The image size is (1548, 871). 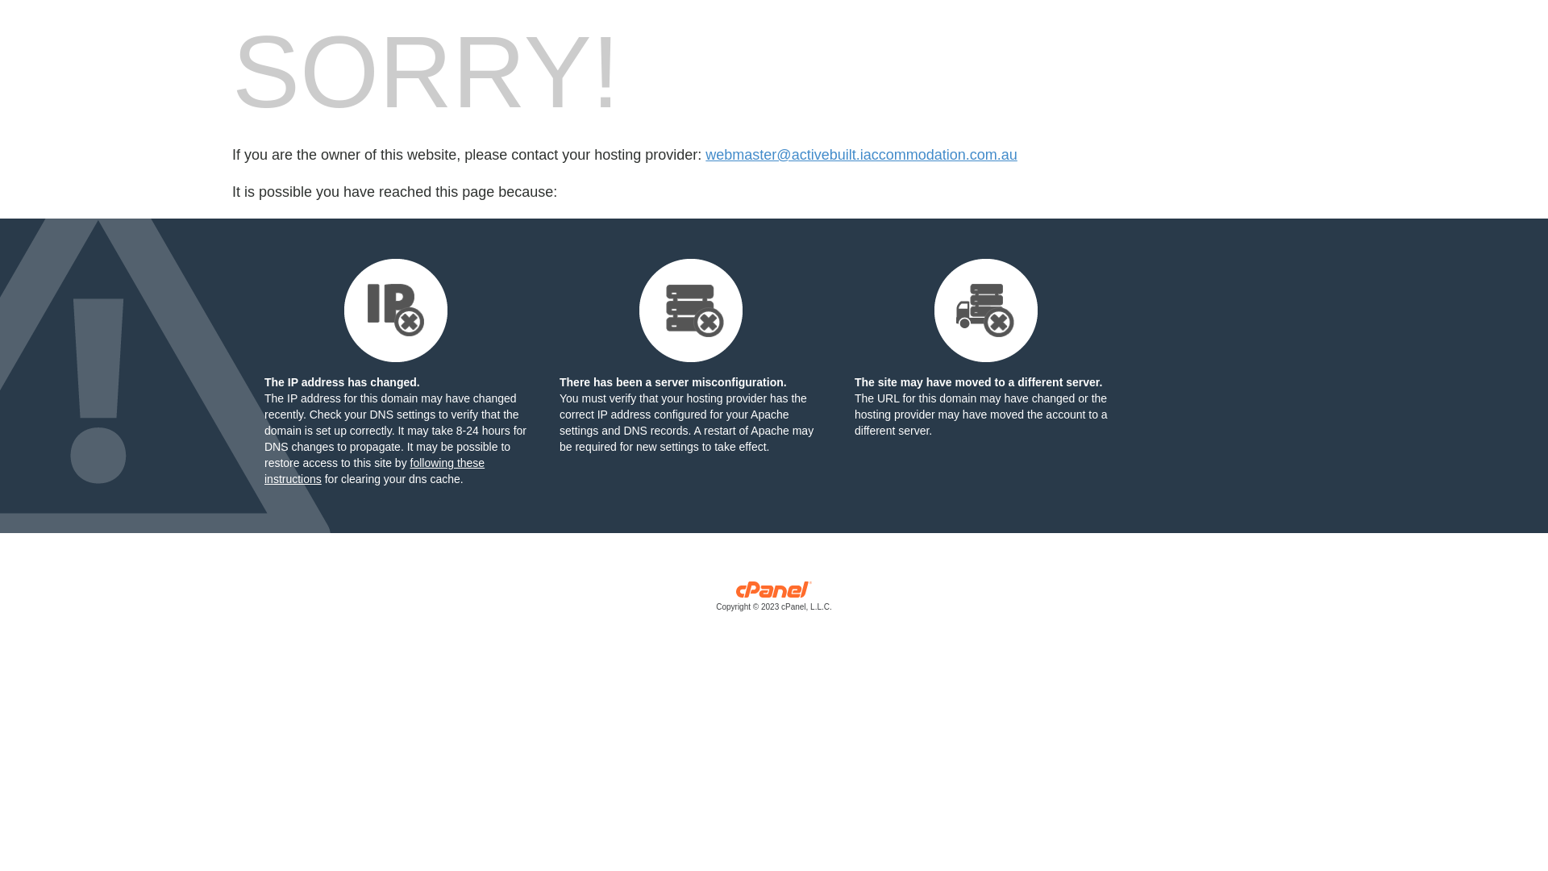 I want to click on 'webmaster@activebuilt.iaccommodation.com.au', so click(x=860, y=155).